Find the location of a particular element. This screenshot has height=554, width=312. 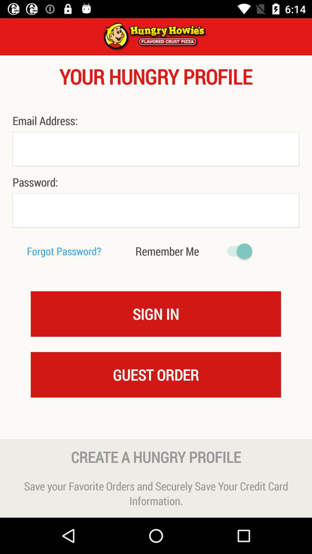

email field is located at coordinates (155, 149).